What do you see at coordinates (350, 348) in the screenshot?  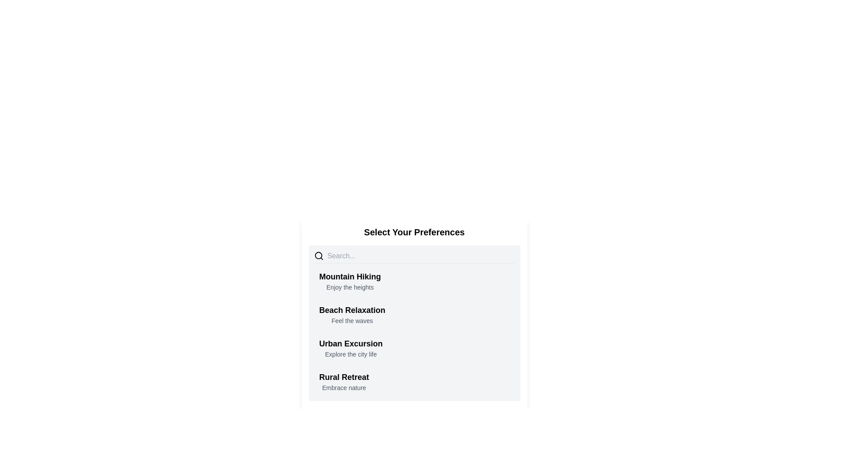 I see `the selectable list item labeled 'Urban Excursion', which consists of two lines of text` at bounding box center [350, 348].